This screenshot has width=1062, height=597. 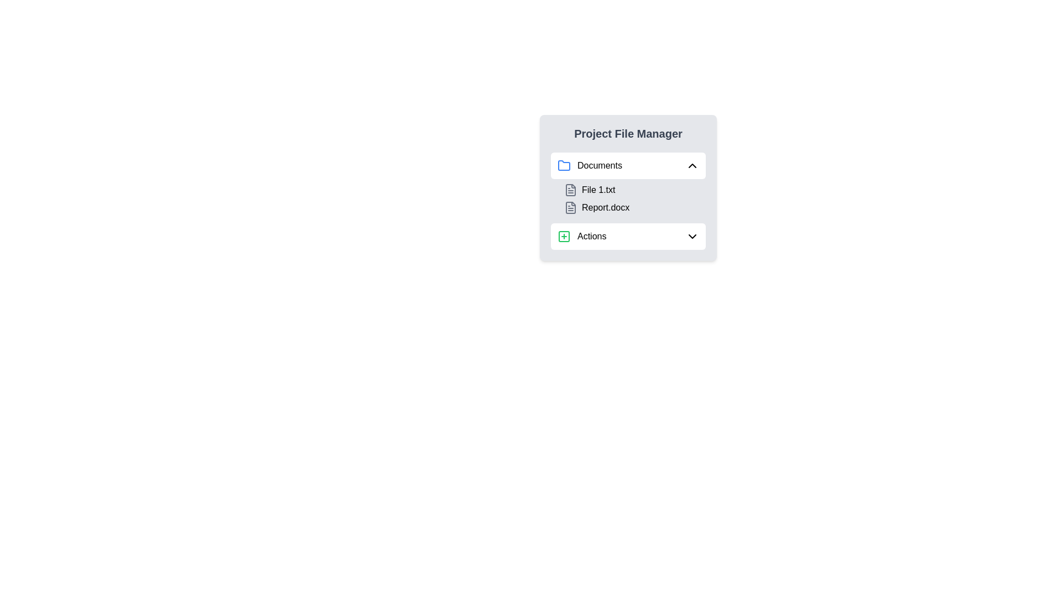 I want to click on the 'Documents' folder button in the file manager to change its background color, so click(x=628, y=166).